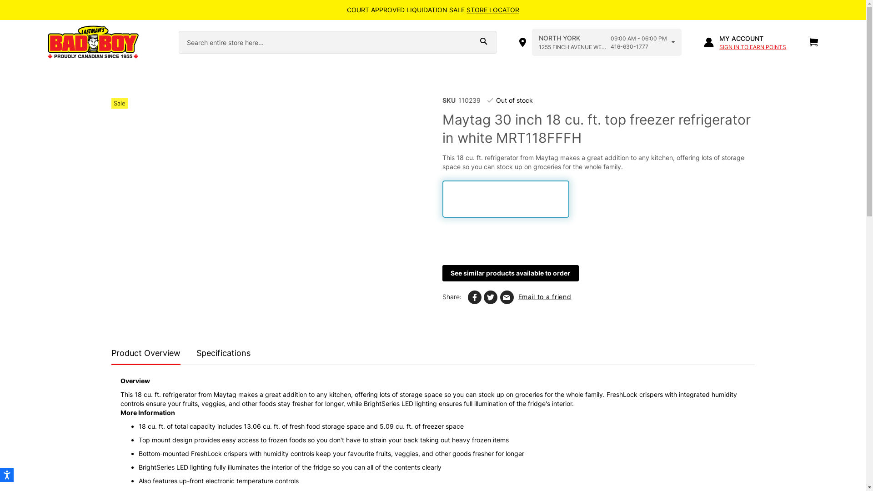 The width and height of the screenshot is (873, 491). What do you see at coordinates (467, 10) in the screenshot?
I see `'STORE LOCATOR'` at bounding box center [467, 10].